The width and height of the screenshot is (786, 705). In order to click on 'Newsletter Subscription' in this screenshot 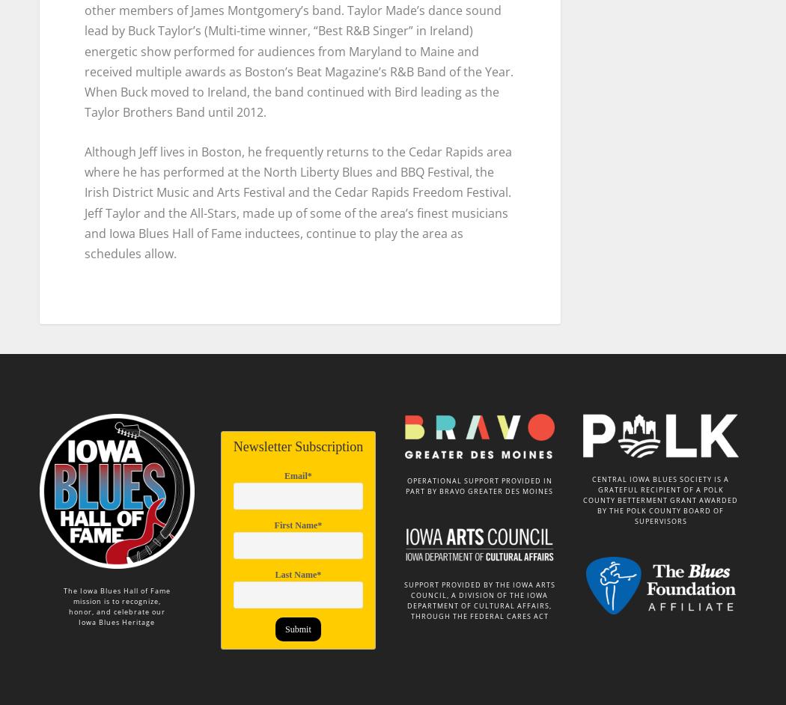, I will do `click(297, 439)`.